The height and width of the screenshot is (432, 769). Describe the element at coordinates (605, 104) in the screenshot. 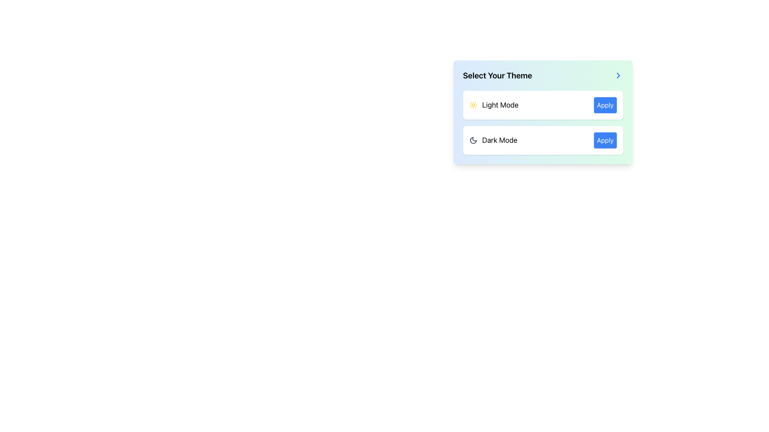

I see `the 'Apply' button located in the 'Select Your Theme' section, which activates the 'Light Mode' theme for the application` at that location.